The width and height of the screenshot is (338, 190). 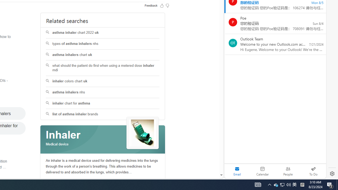 I want to click on 'Class: spl_logobg', so click(x=103, y=139).